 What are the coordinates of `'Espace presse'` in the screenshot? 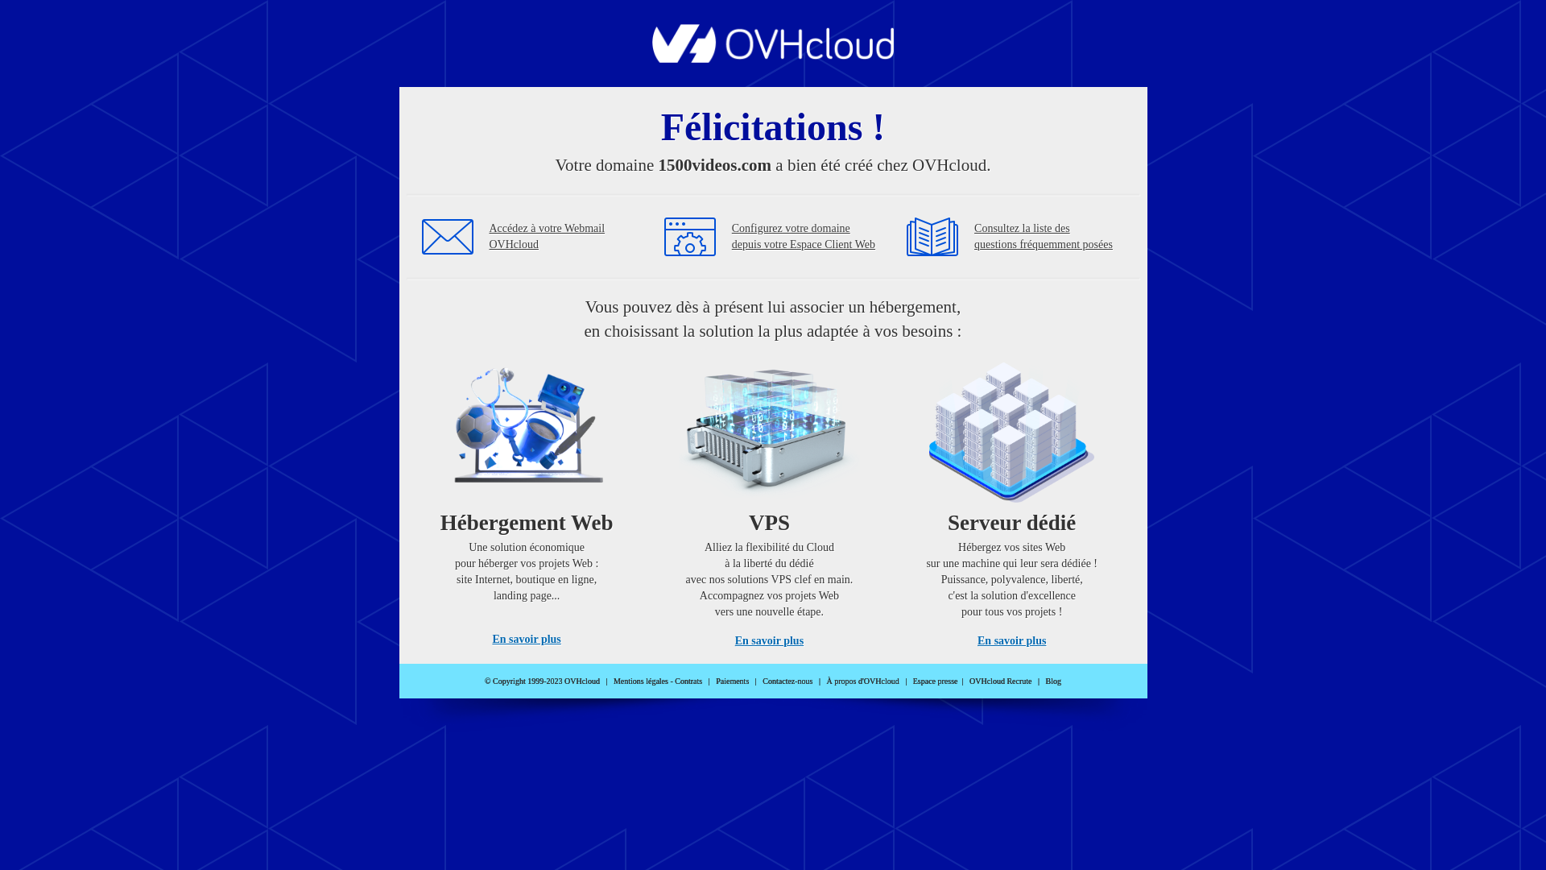 It's located at (935, 681).